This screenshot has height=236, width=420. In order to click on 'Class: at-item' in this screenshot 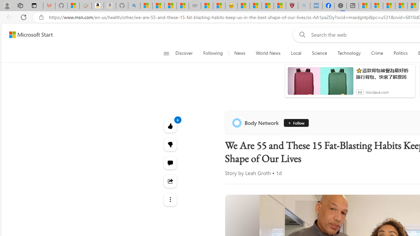, I will do `click(170, 199)`.